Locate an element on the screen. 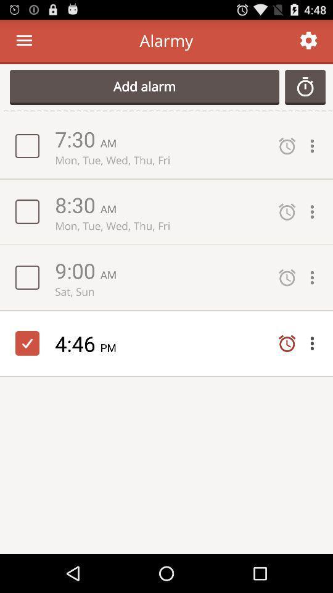 The image size is (333, 593). item to the left of pm is located at coordinates (77, 343).